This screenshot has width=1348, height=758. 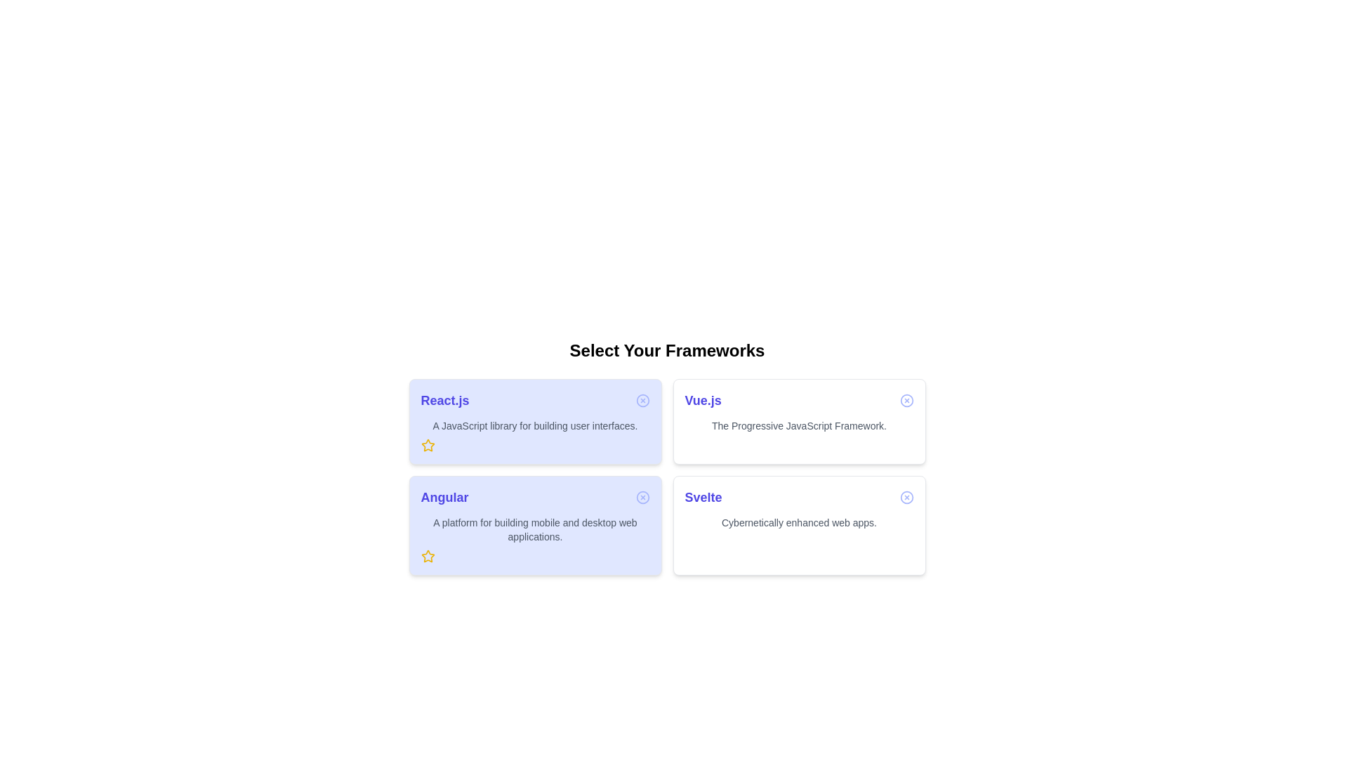 I want to click on close button on the chip labeled Vue.js to remove it, so click(x=906, y=400).